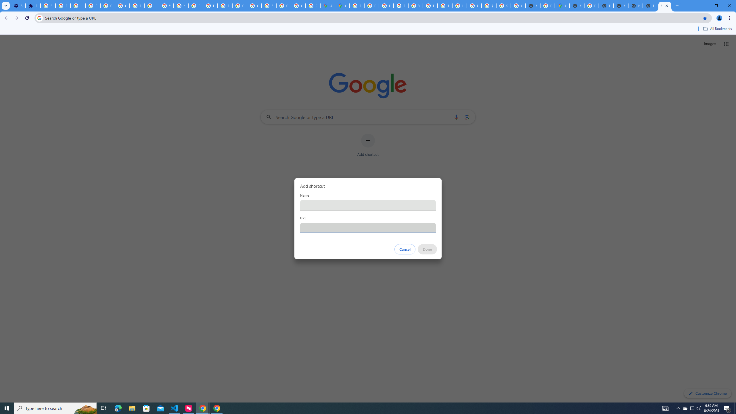 The width and height of the screenshot is (736, 414). I want to click on 'New Tab', so click(650, 5).